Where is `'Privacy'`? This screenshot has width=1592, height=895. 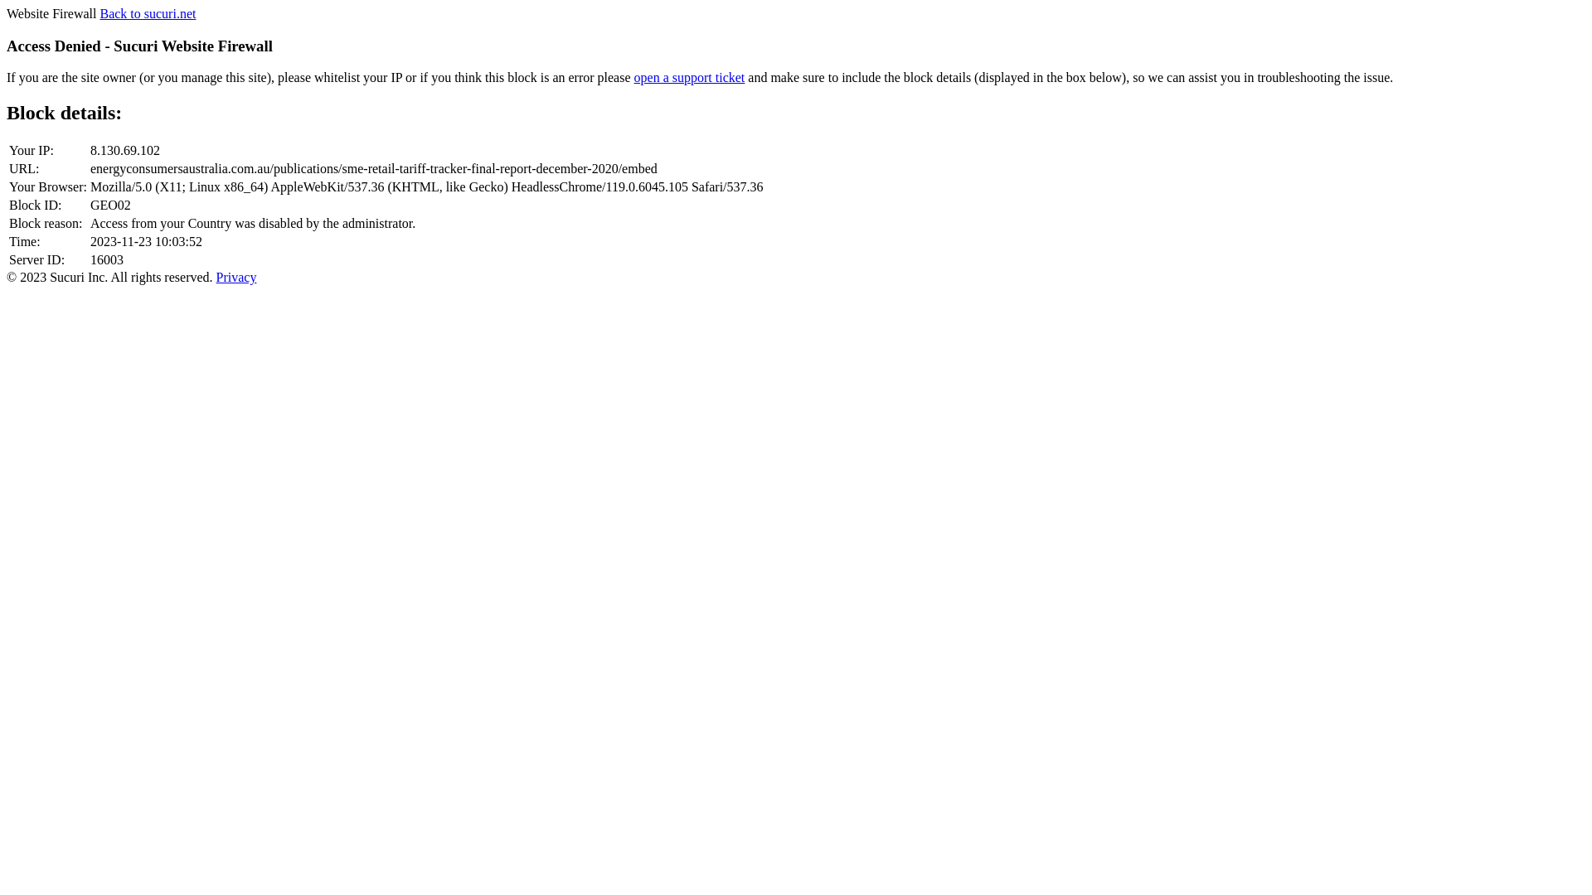
'Privacy' is located at coordinates (235, 276).